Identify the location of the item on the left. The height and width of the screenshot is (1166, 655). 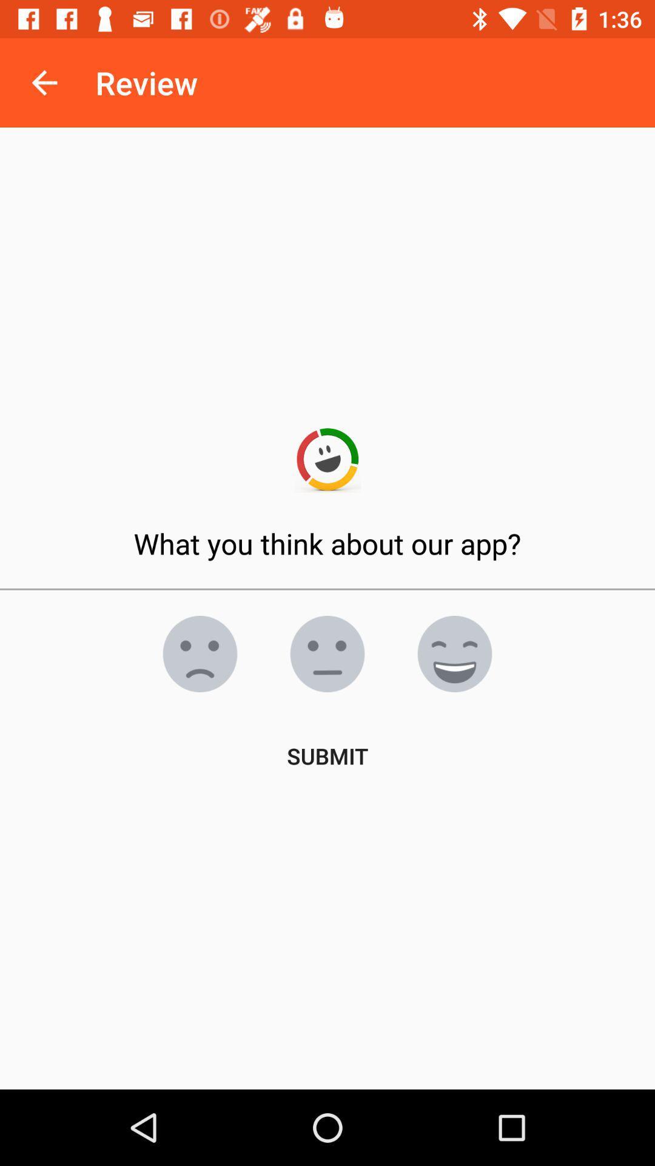
(200, 653).